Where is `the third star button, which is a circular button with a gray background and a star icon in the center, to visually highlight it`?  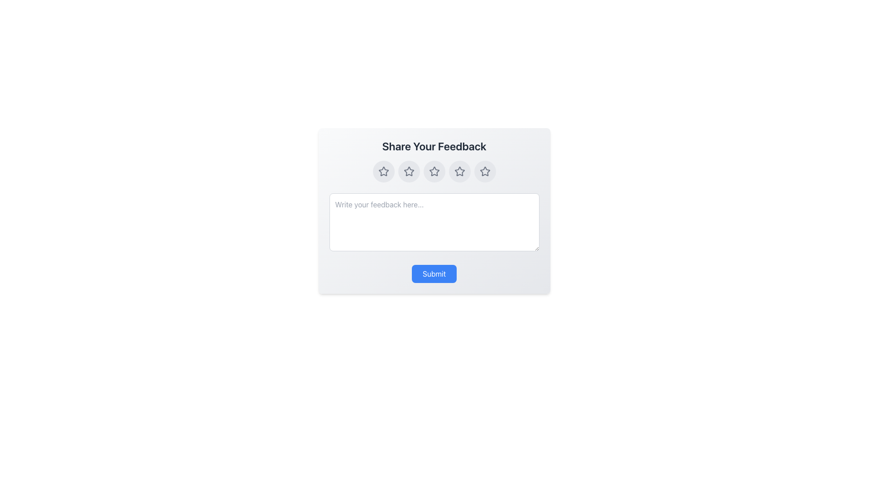 the third star button, which is a circular button with a gray background and a star icon in the center, to visually highlight it is located at coordinates (434, 171).